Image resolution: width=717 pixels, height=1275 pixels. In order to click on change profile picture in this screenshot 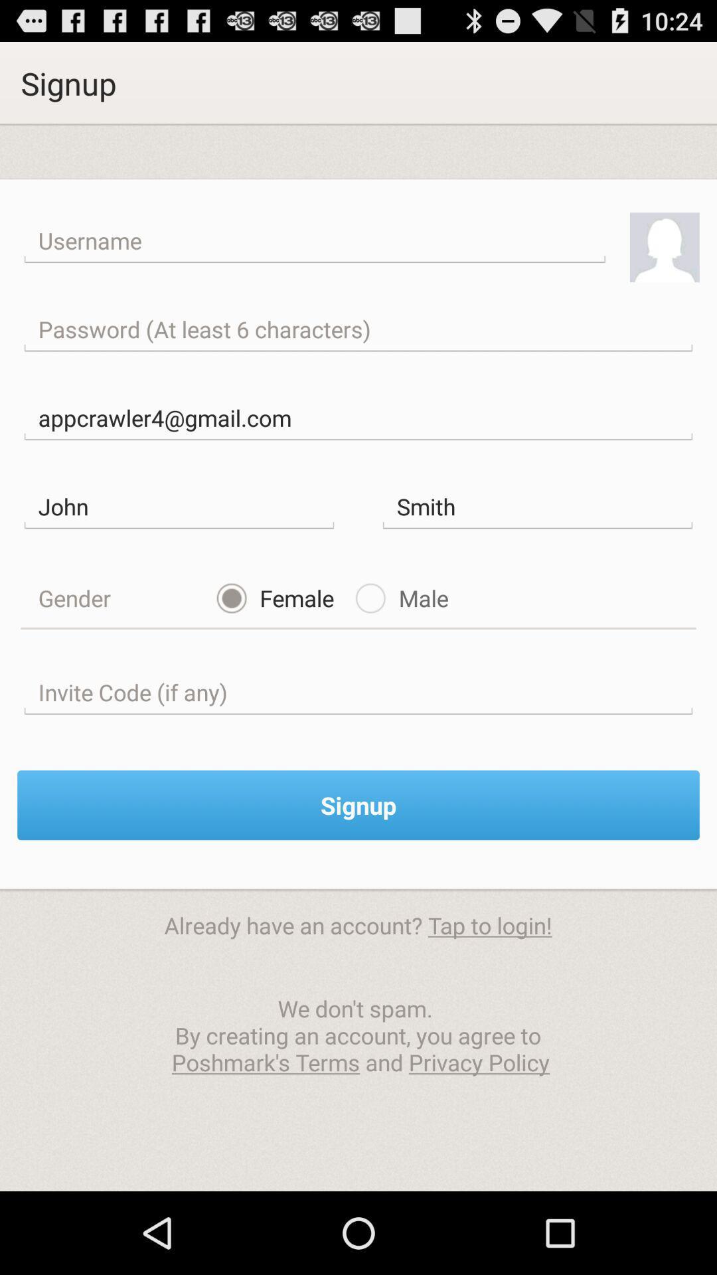, I will do `click(665, 247)`.